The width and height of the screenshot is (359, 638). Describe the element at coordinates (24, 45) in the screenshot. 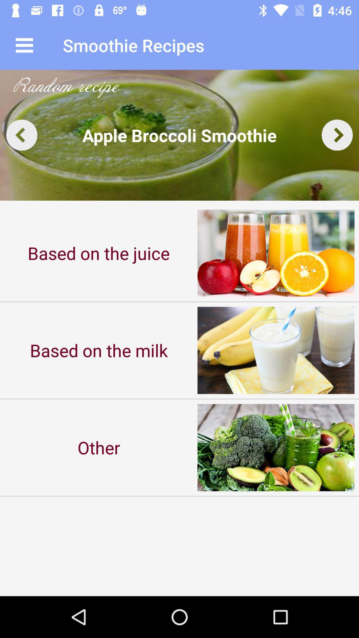

I see `the app to the left of smoothie recipes app` at that location.